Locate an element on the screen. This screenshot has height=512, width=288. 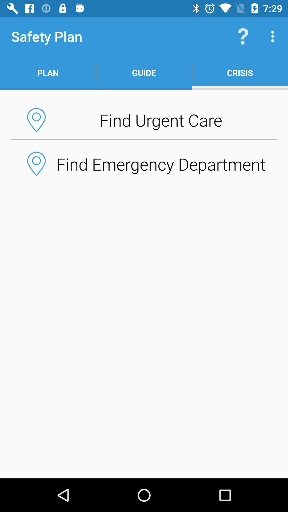
the icon to the right of the guide item is located at coordinates (239, 73).